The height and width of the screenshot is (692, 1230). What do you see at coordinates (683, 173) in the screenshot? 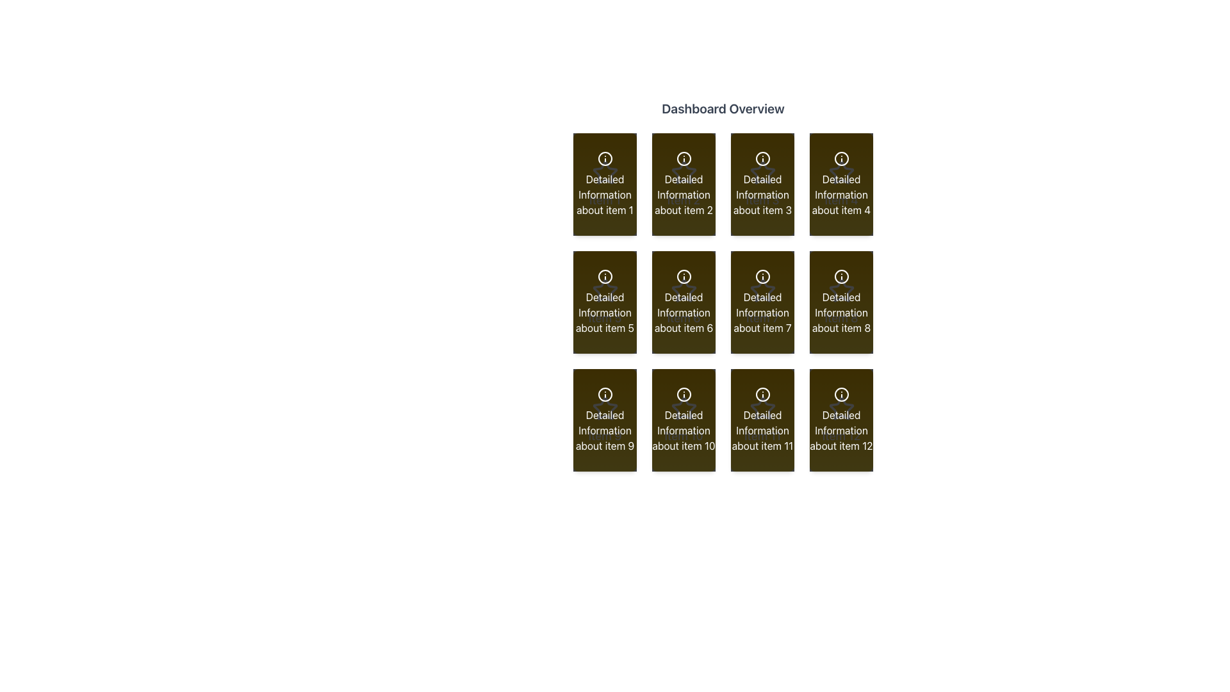
I see `the star icon, which is styled with white stroke lines and is positioned above the text 'Detailed Information about item 2' in the second card of the grid layout` at bounding box center [683, 173].